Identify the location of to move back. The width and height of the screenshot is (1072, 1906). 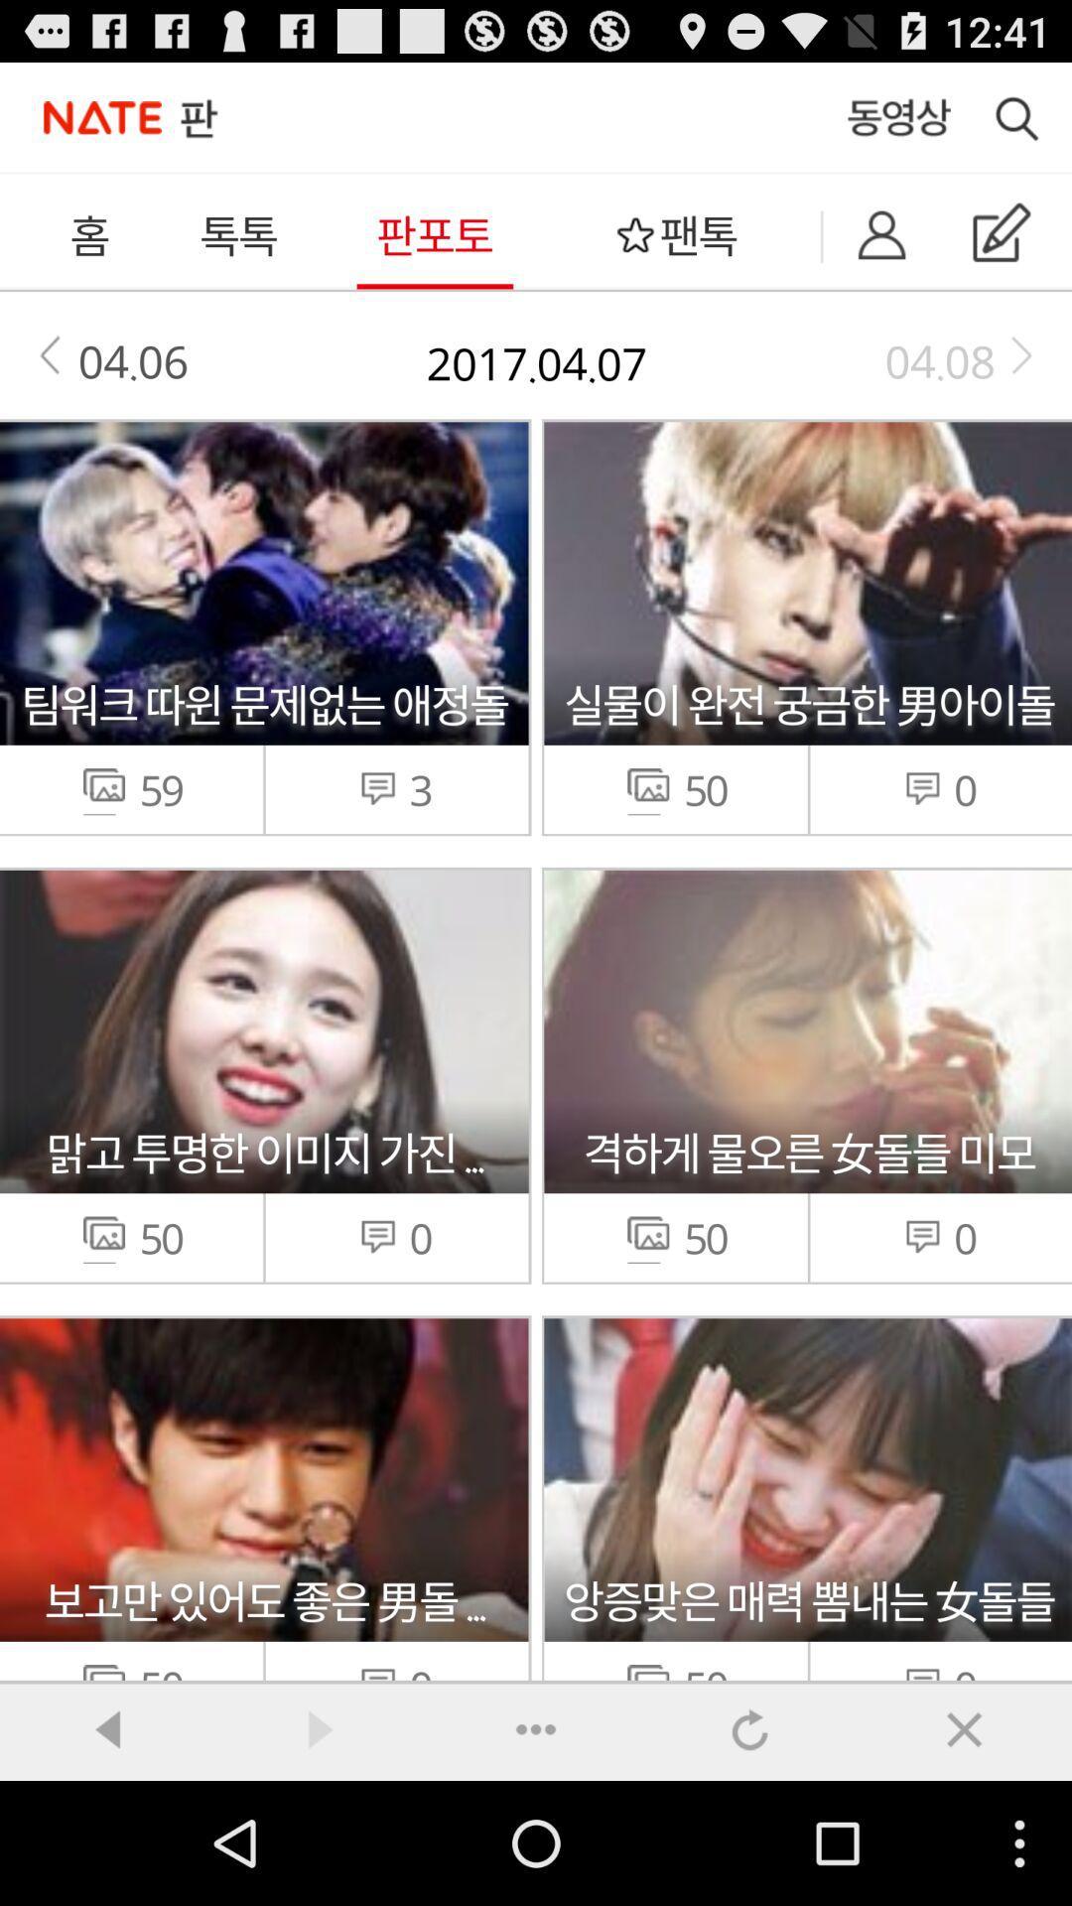
(107, 1728).